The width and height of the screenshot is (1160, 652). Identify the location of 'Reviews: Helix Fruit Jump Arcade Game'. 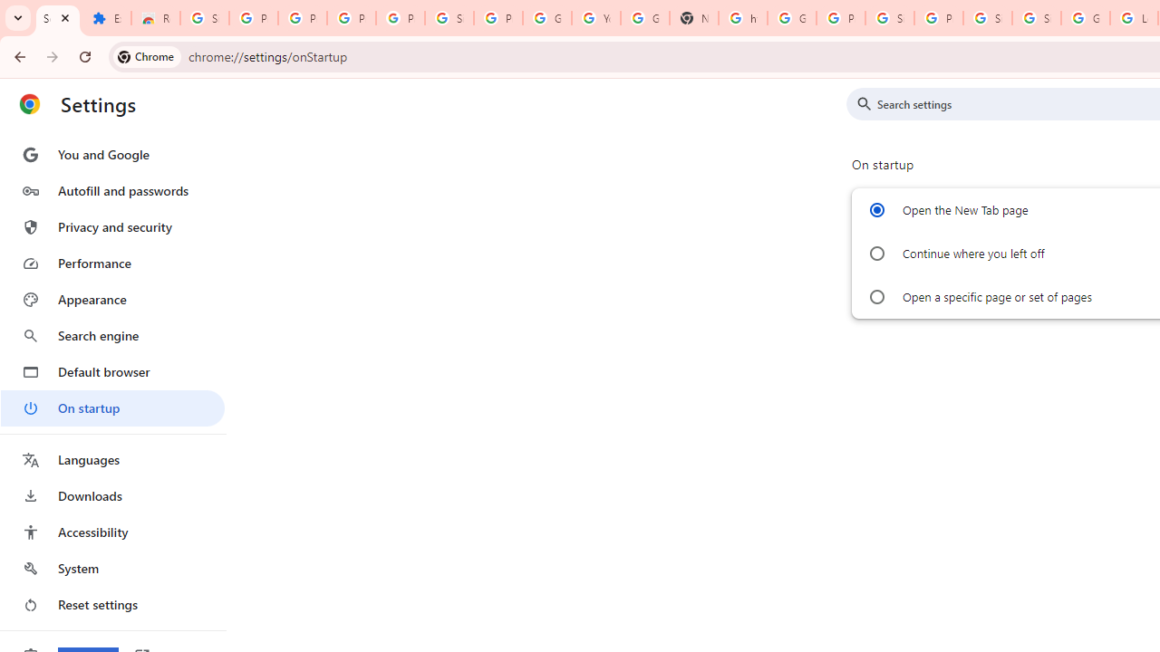
(155, 18).